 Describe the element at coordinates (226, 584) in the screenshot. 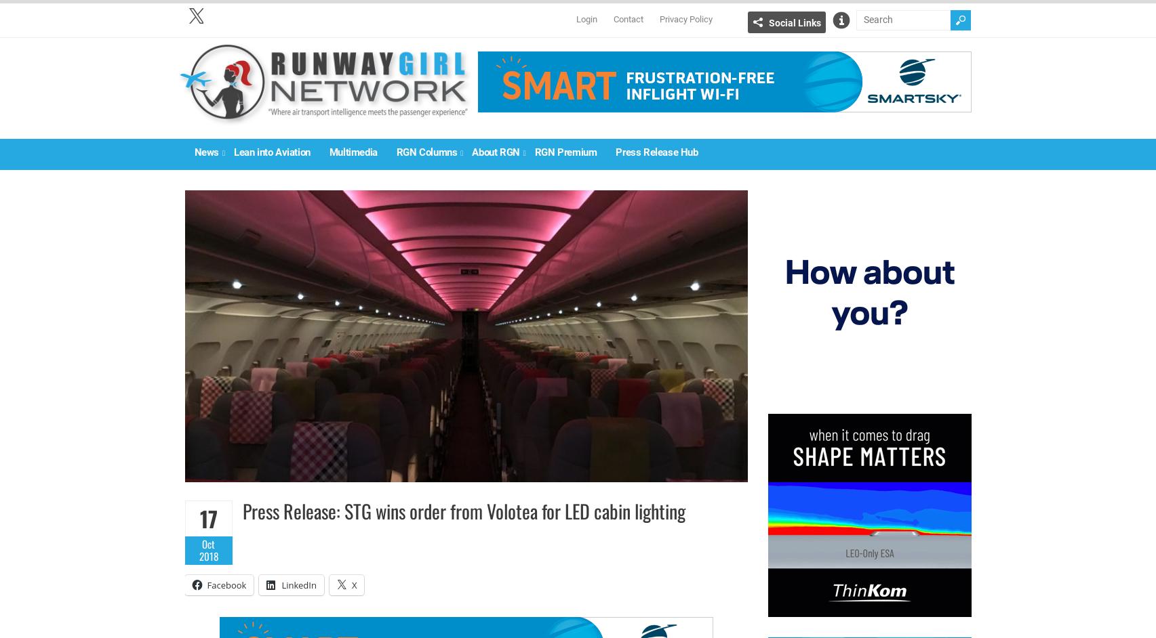

I see `'Facebook'` at that location.